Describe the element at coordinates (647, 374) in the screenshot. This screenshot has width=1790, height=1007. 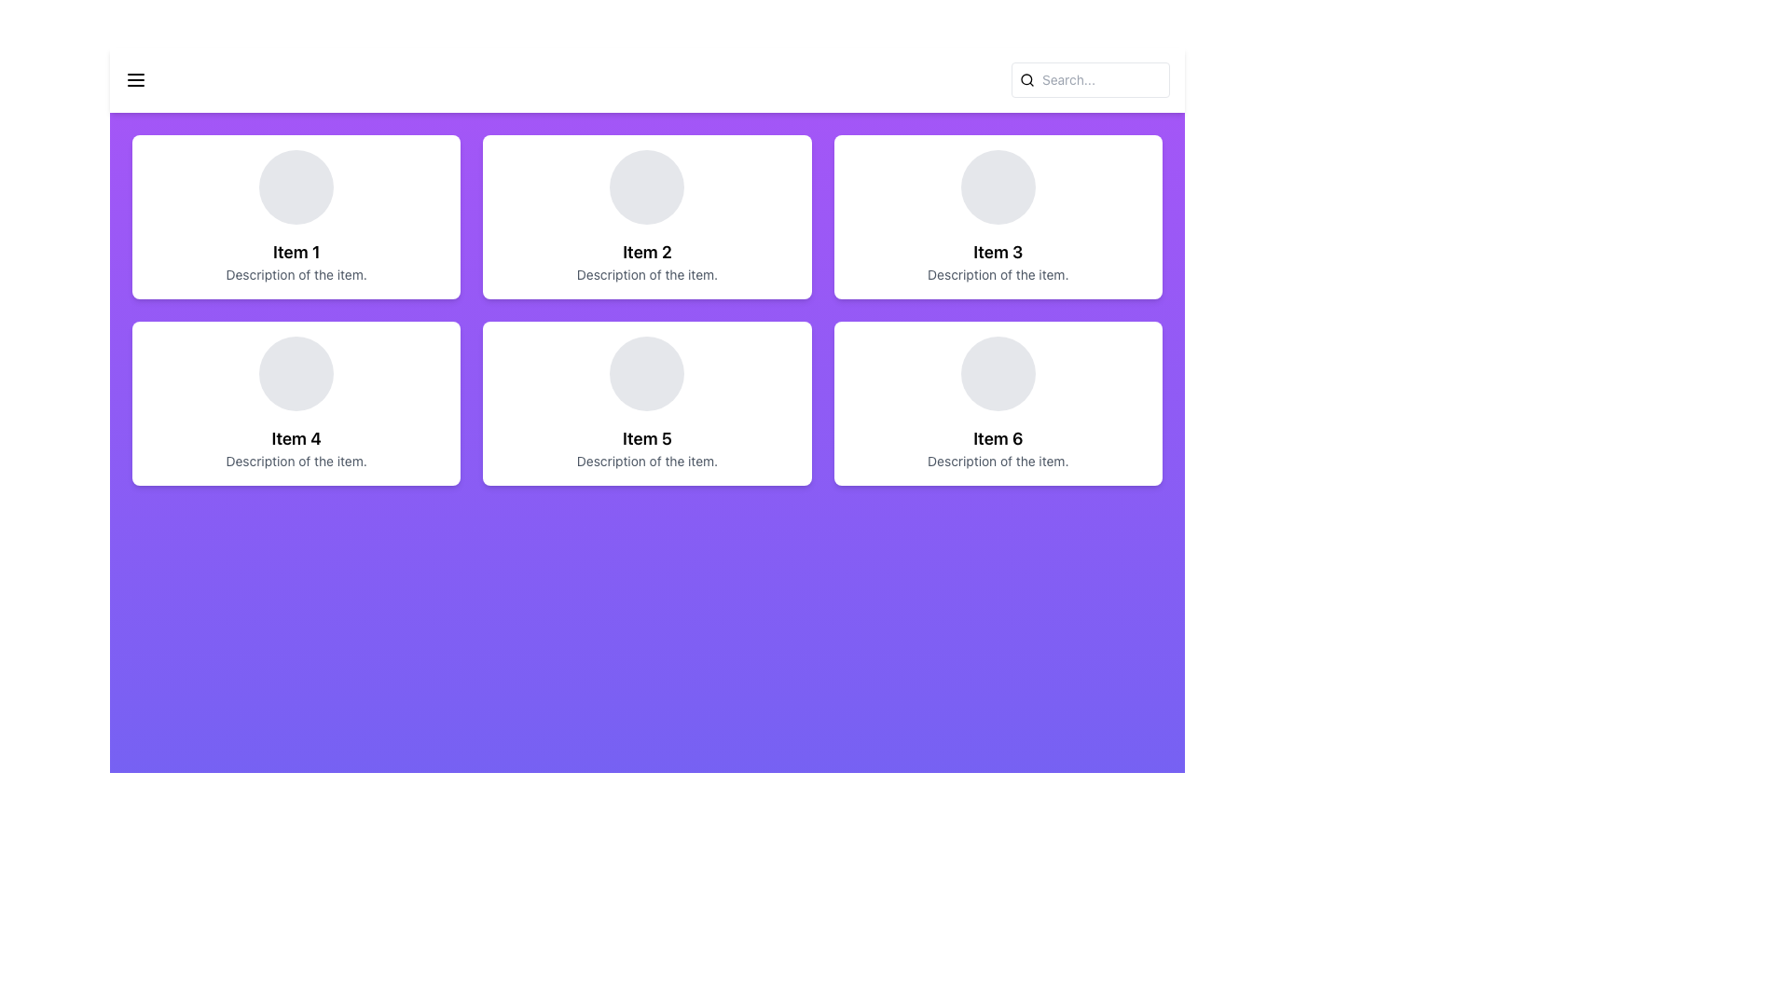
I see `the decorative circular element with a light gray background located in the upper central section of the card labeled 'Item 5'` at that location.